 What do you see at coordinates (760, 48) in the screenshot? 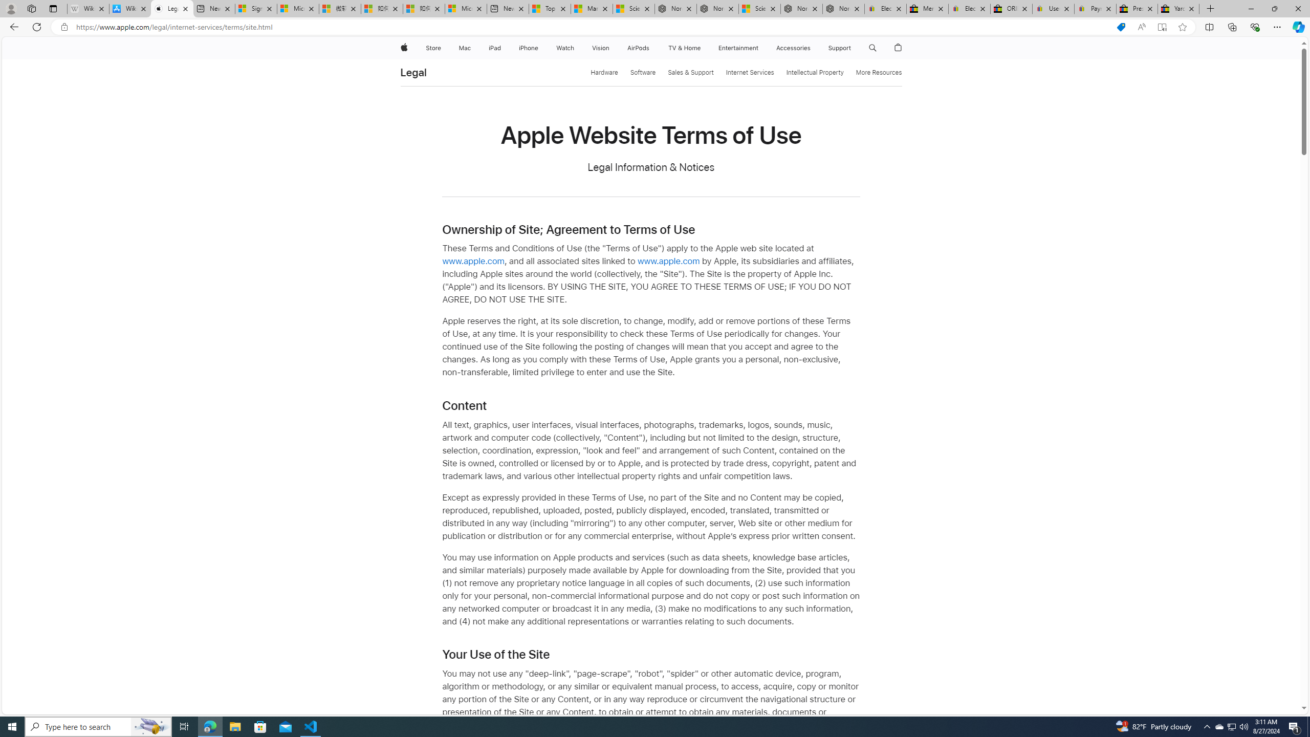
I see `'Entertainment menu'` at bounding box center [760, 48].